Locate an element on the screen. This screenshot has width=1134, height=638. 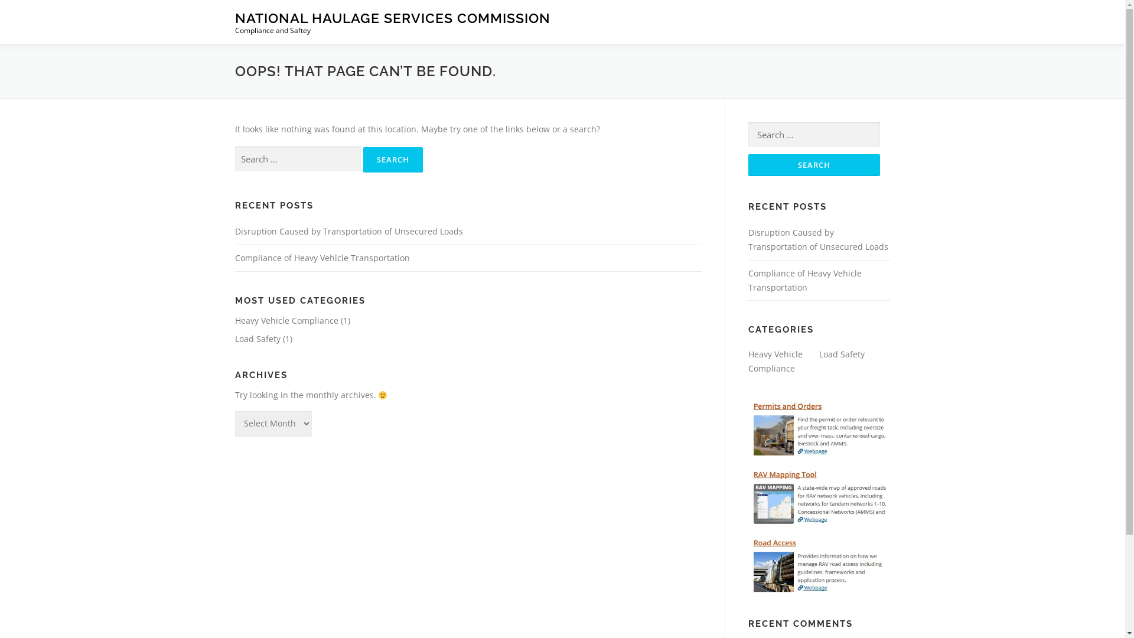
'Compliance of Heavy Vehicle Transportation' is located at coordinates (804, 280).